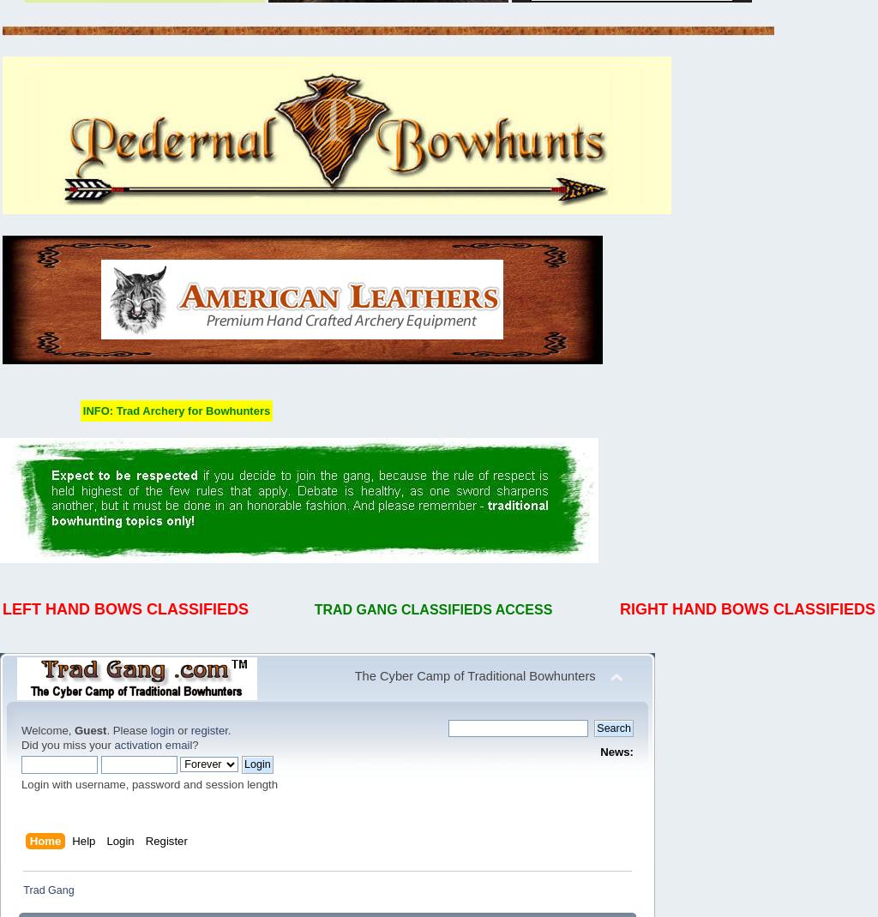  What do you see at coordinates (149, 782) in the screenshot?
I see `'Login with username, password and session length'` at bounding box center [149, 782].